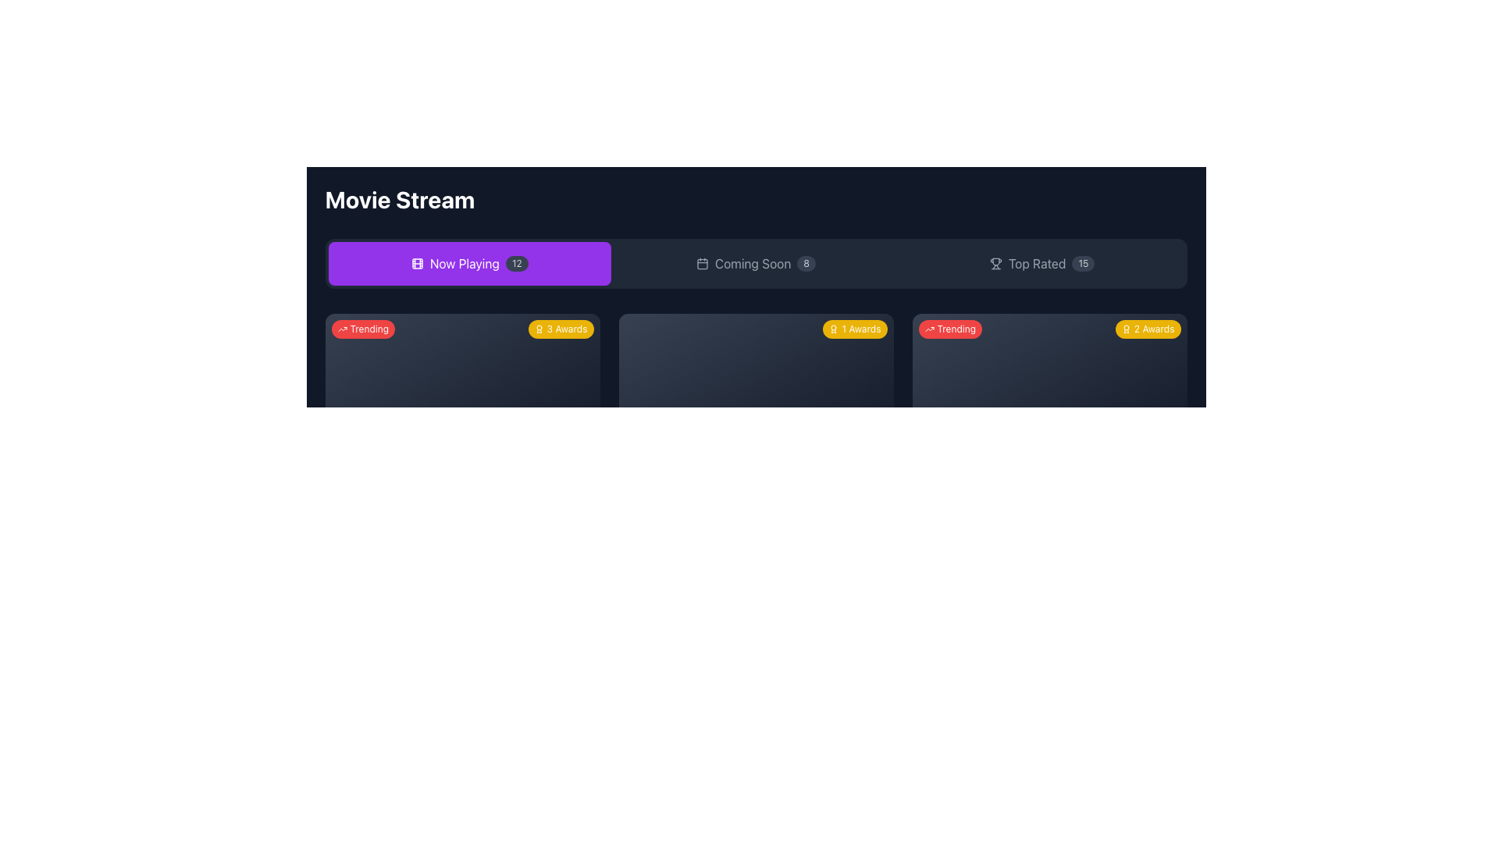 Image resolution: width=1499 pixels, height=843 pixels. Describe the element at coordinates (756, 263) in the screenshot. I see `the middle button labeled 'Coming Soon' with the count '8'` at that location.